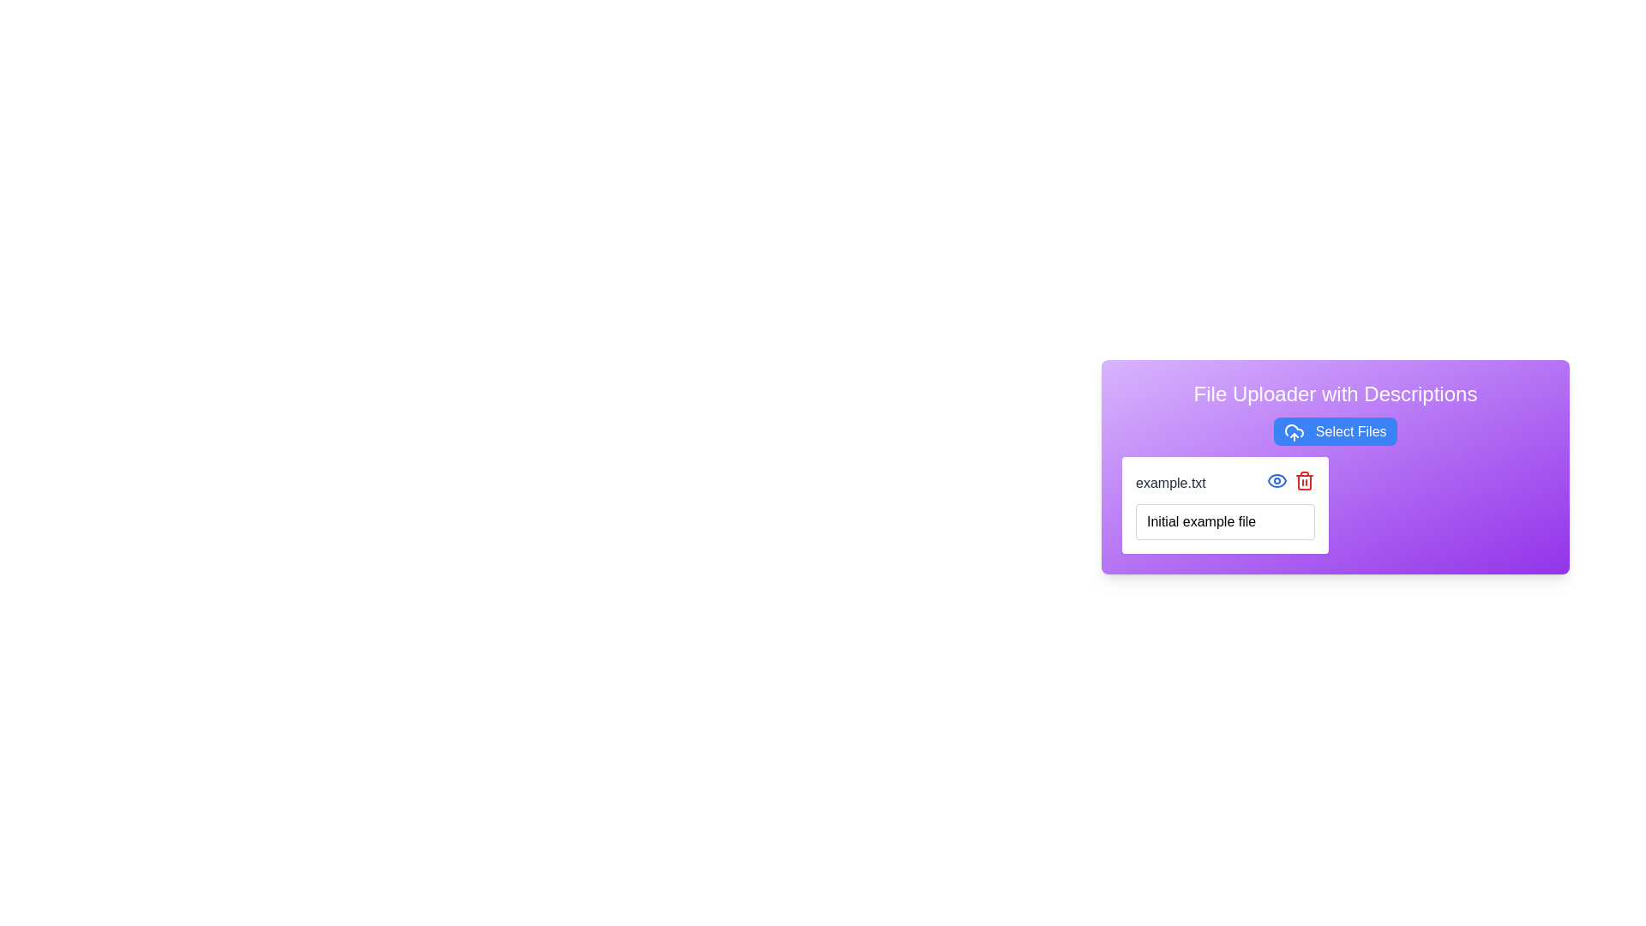 The height and width of the screenshot is (926, 1646). I want to click on the 'Select Files' button which contains a cloud upload icon on the left side, so click(1295, 431).